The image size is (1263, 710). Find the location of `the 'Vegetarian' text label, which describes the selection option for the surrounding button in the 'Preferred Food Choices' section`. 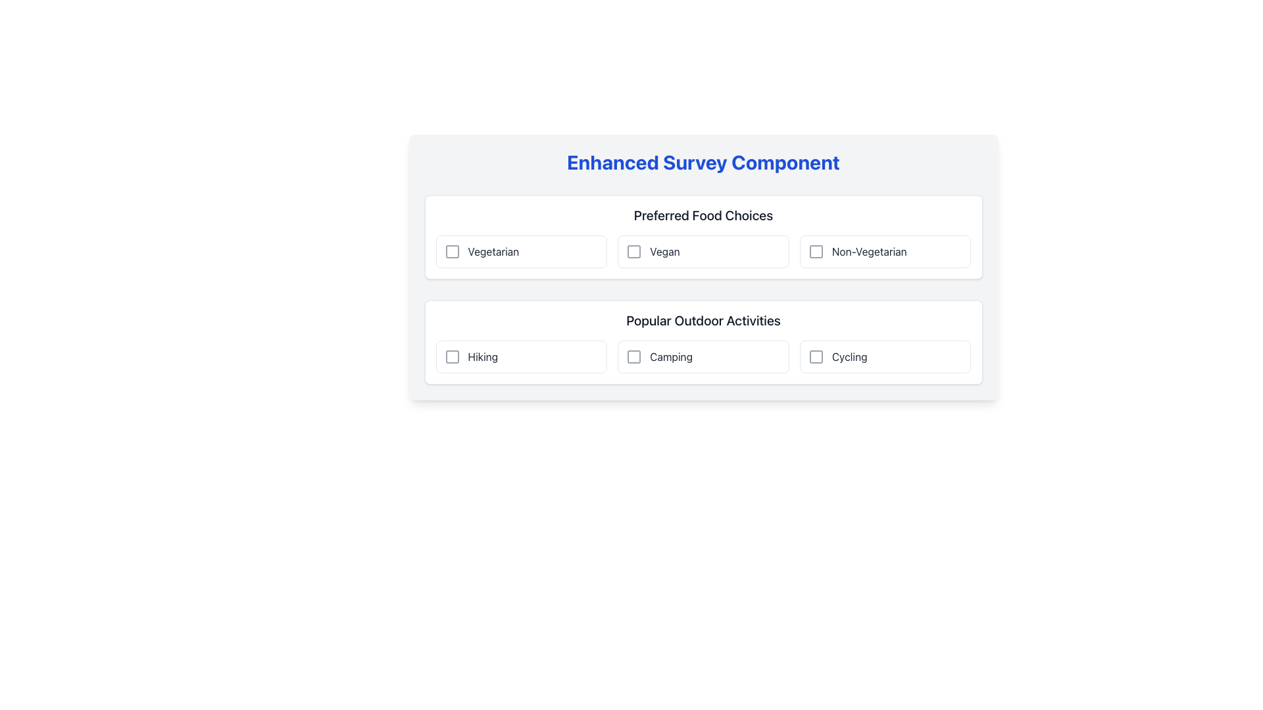

the 'Vegetarian' text label, which describes the selection option for the surrounding button in the 'Preferred Food Choices' section is located at coordinates (493, 251).